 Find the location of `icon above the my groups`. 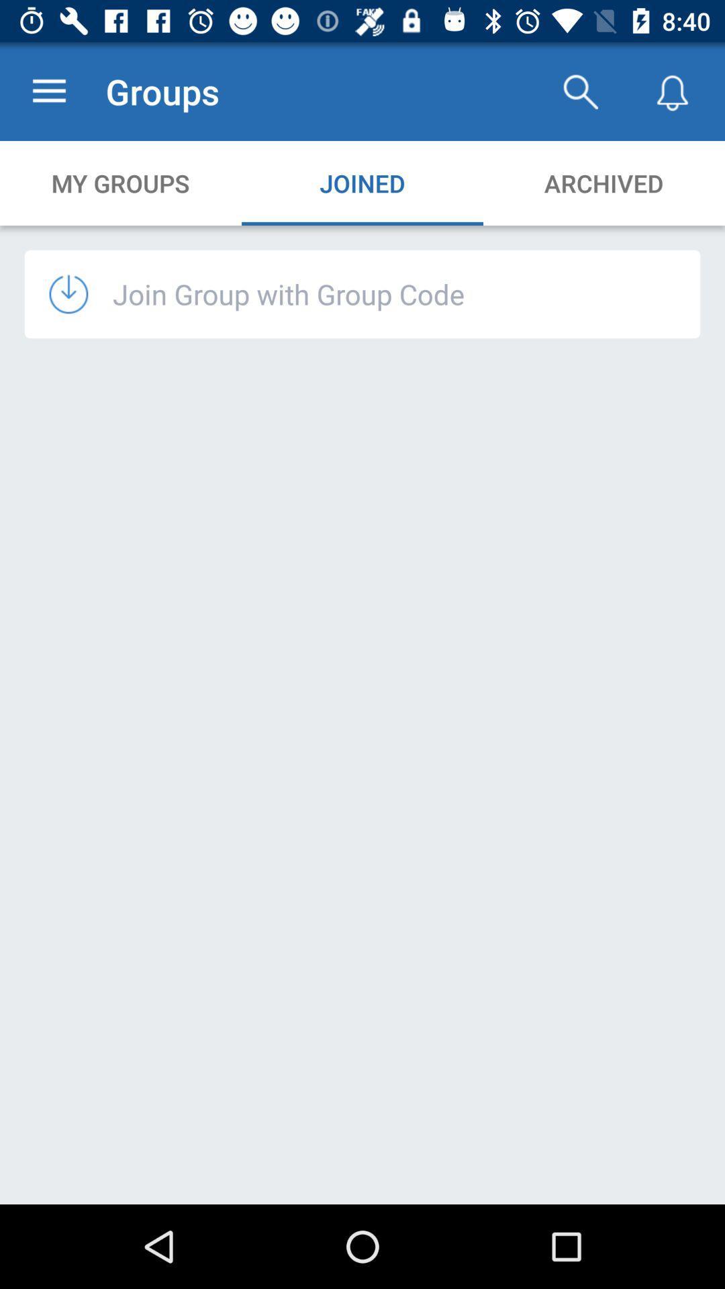

icon above the my groups is located at coordinates (48, 91).